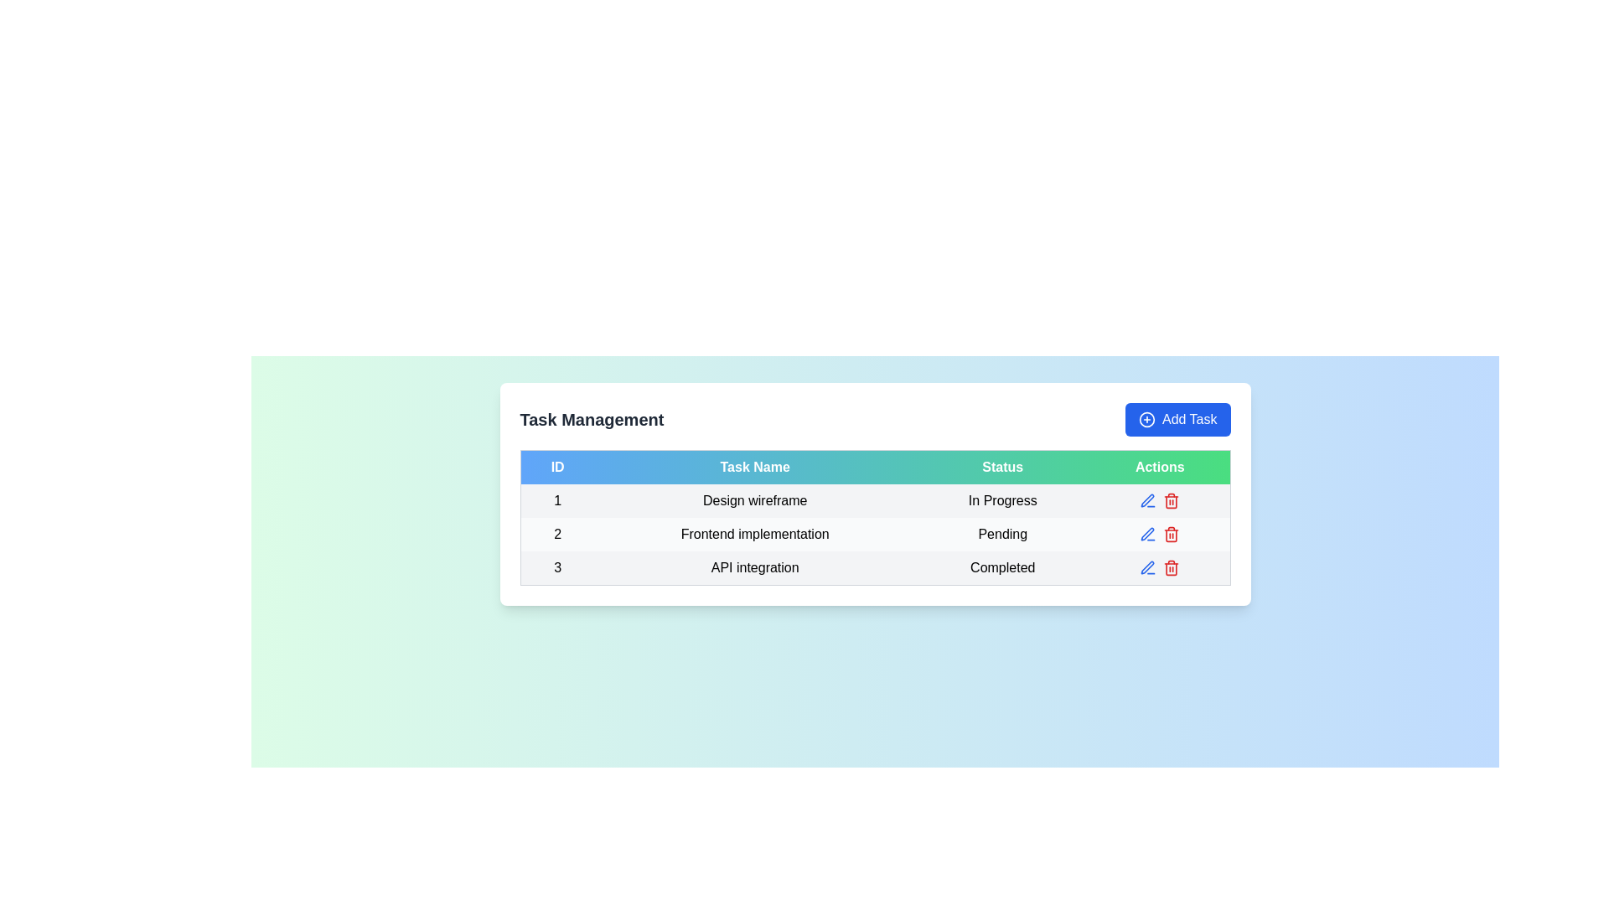 The image size is (1609, 905). I want to click on the 'Task Name' text label in the header row of the table, which is visually distinguished by its blue to green background and positioned between 'ID' and 'Status', so click(754, 467).